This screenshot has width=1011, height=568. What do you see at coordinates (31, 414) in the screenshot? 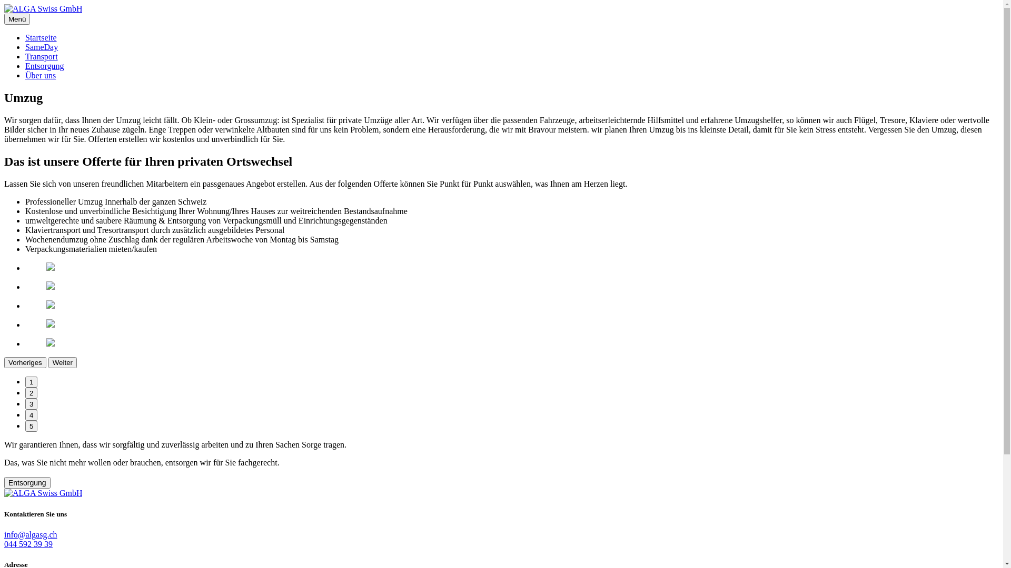
I see `'4'` at bounding box center [31, 414].